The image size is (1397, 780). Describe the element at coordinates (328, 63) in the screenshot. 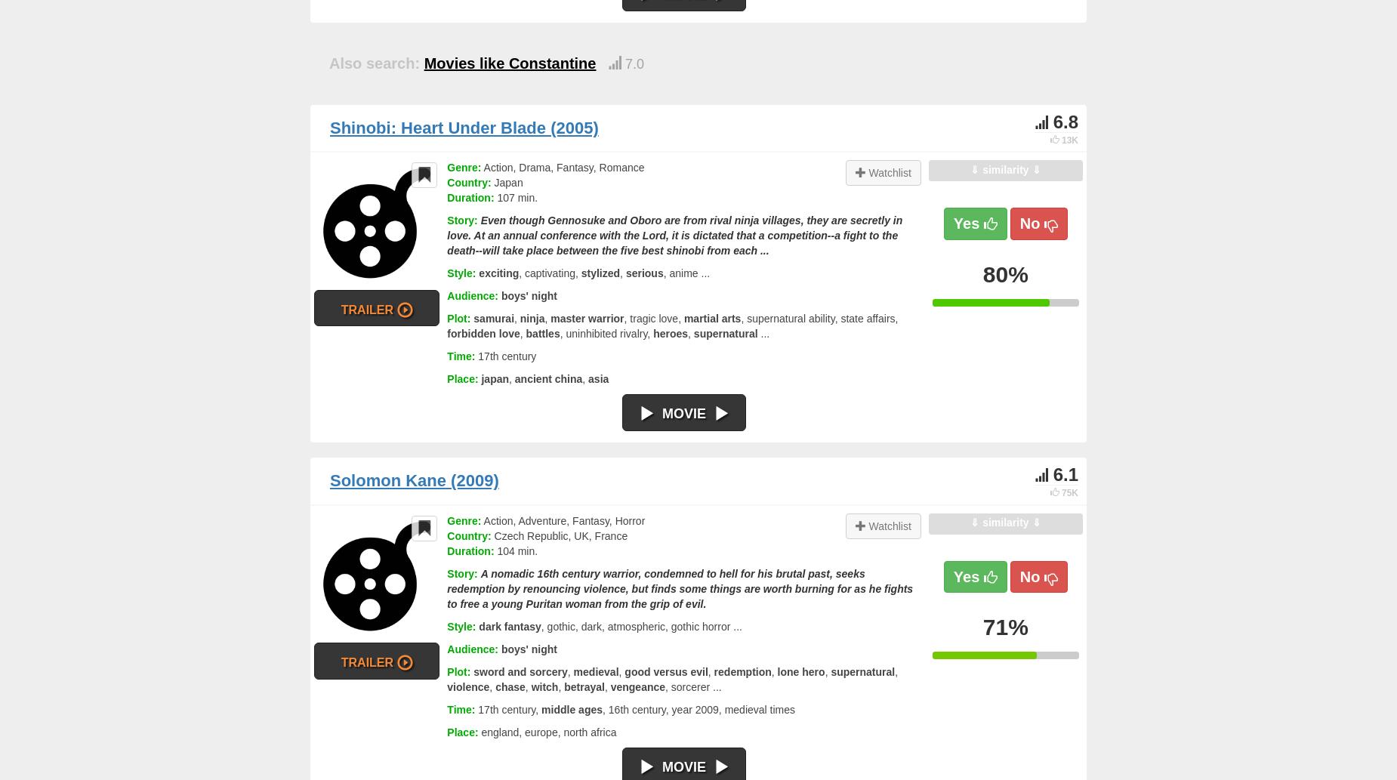

I see `'Also search:'` at that location.